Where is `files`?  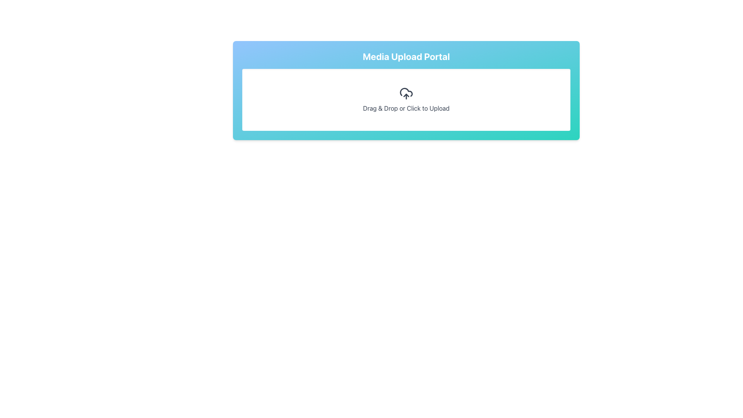 files is located at coordinates (406, 99).